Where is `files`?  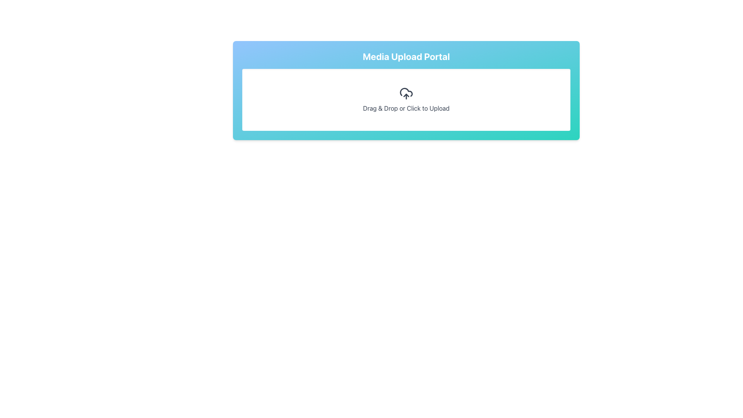 files is located at coordinates (406, 99).